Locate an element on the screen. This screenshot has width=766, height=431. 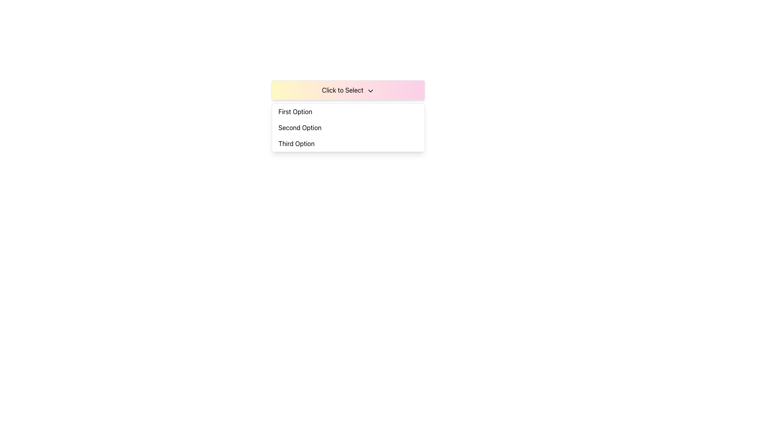
the downward-pointing chevron icon is located at coordinates (370, 90).